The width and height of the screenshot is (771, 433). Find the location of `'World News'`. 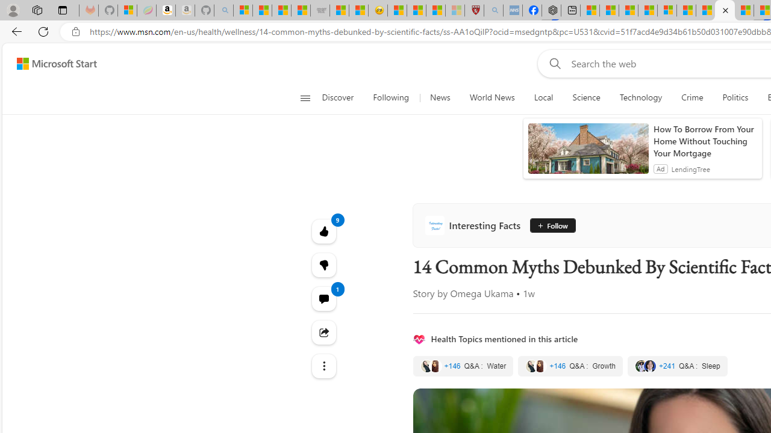

'World News' is located at coordinates (492, 97).